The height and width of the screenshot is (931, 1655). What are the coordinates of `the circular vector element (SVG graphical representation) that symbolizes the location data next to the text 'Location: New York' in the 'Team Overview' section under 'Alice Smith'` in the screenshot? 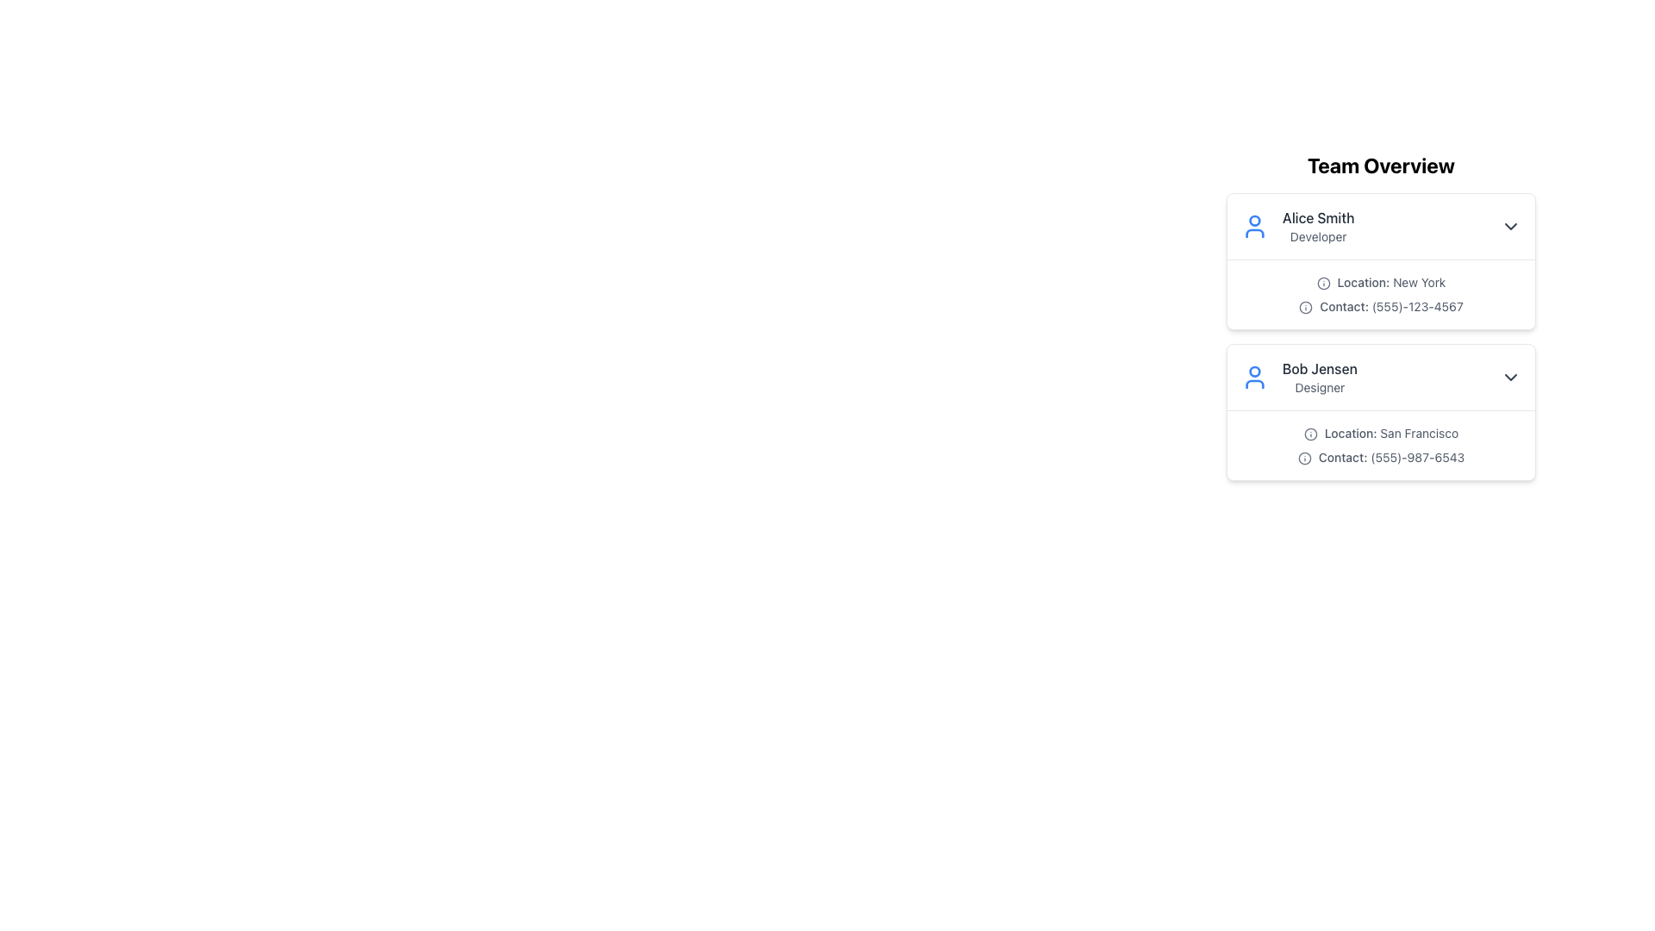 It's located at (1322, 283).